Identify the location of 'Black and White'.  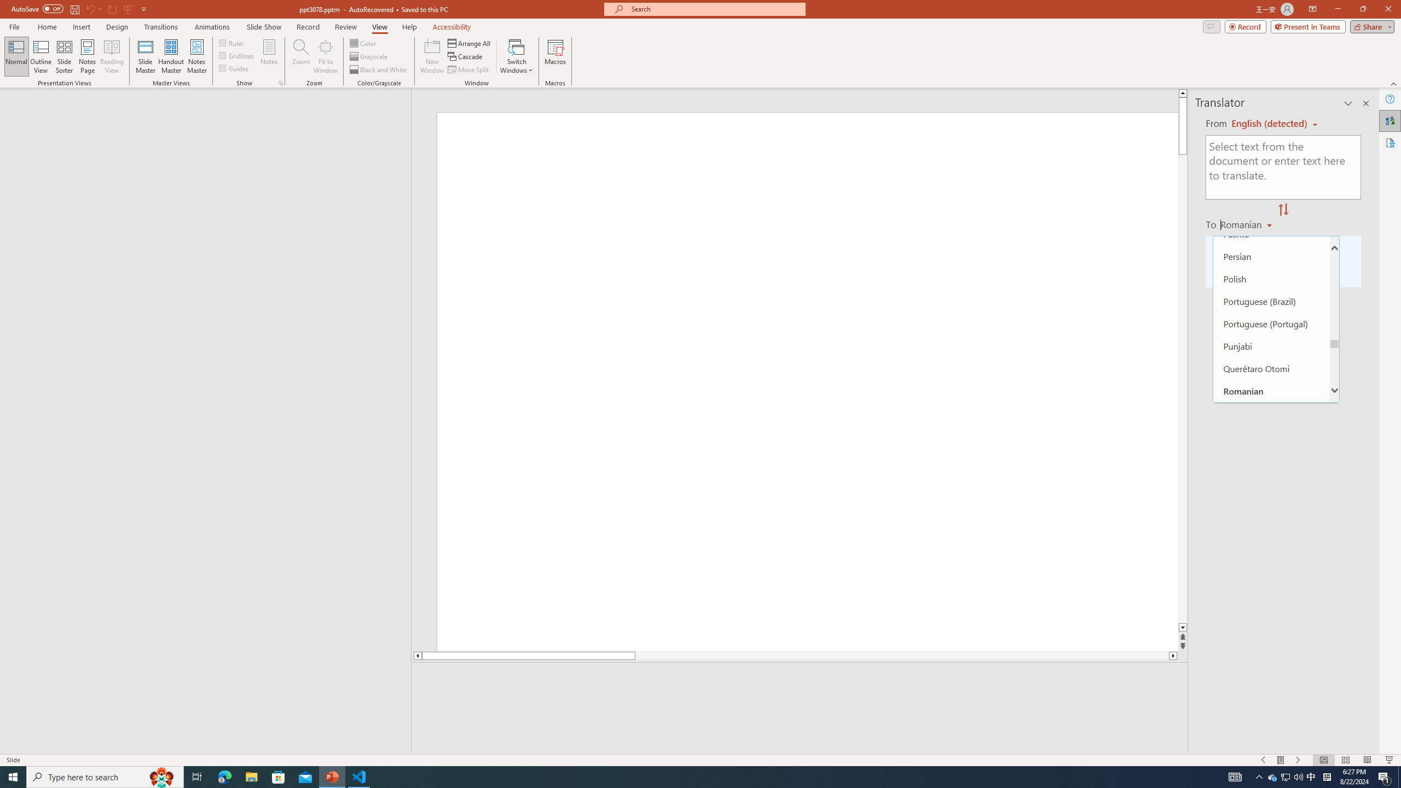
(379, 69).